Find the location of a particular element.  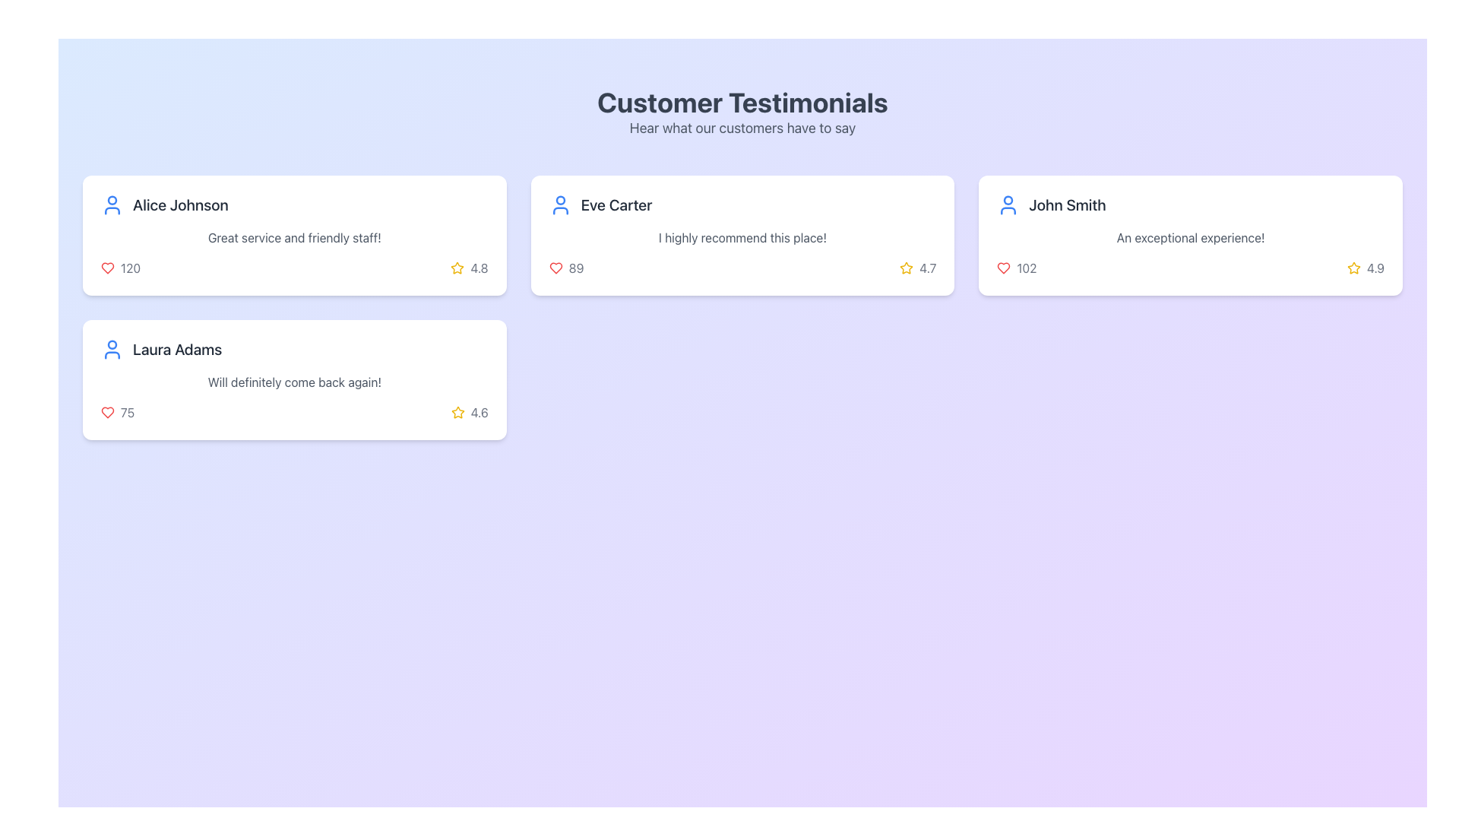

the user name text label displayed in the testimonial card is located at coordinates (177, 349).